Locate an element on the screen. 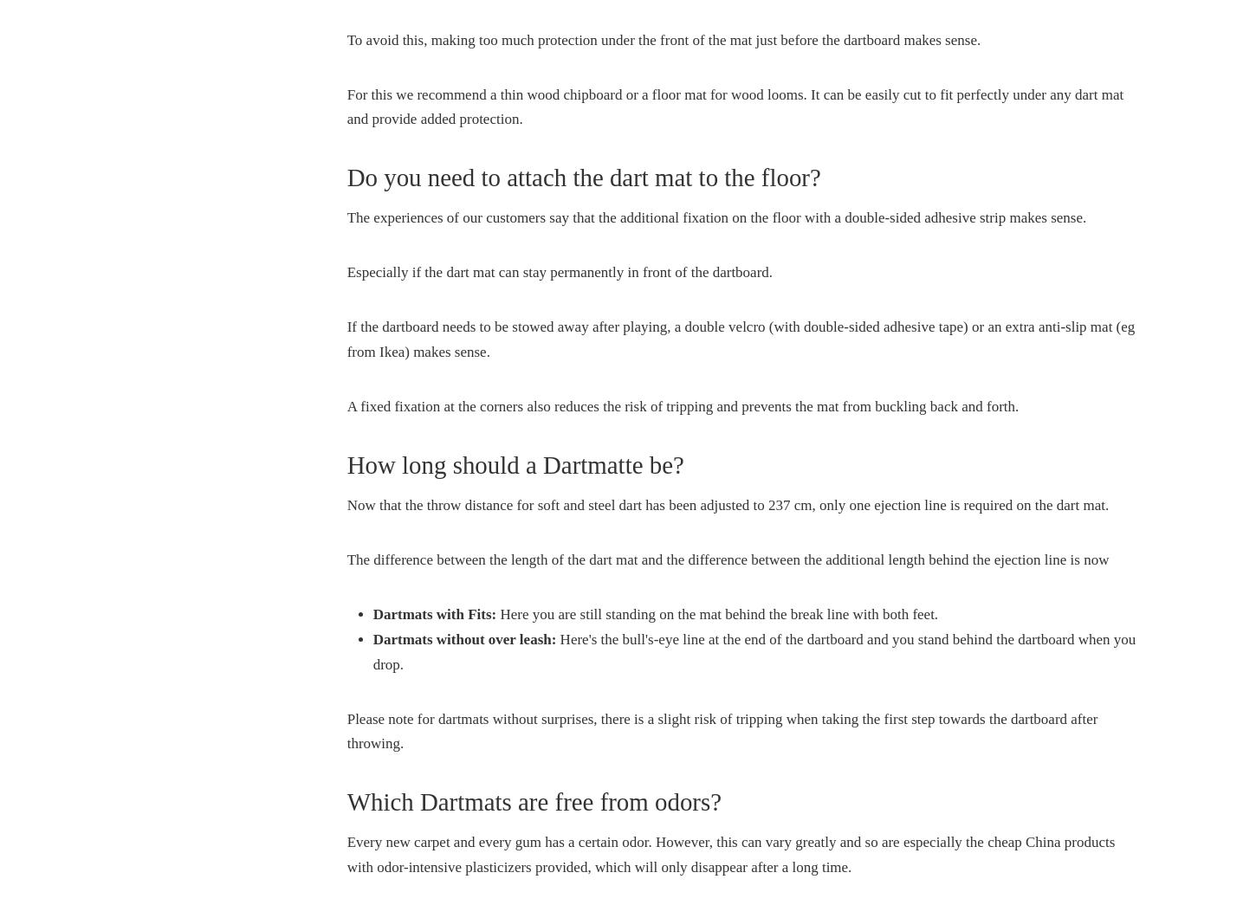  'Please note for dartmats without surprises, there is a slight risk of tripping when taking the first step towards the dartboard after throwing.' is located at coordinates (722, 730).